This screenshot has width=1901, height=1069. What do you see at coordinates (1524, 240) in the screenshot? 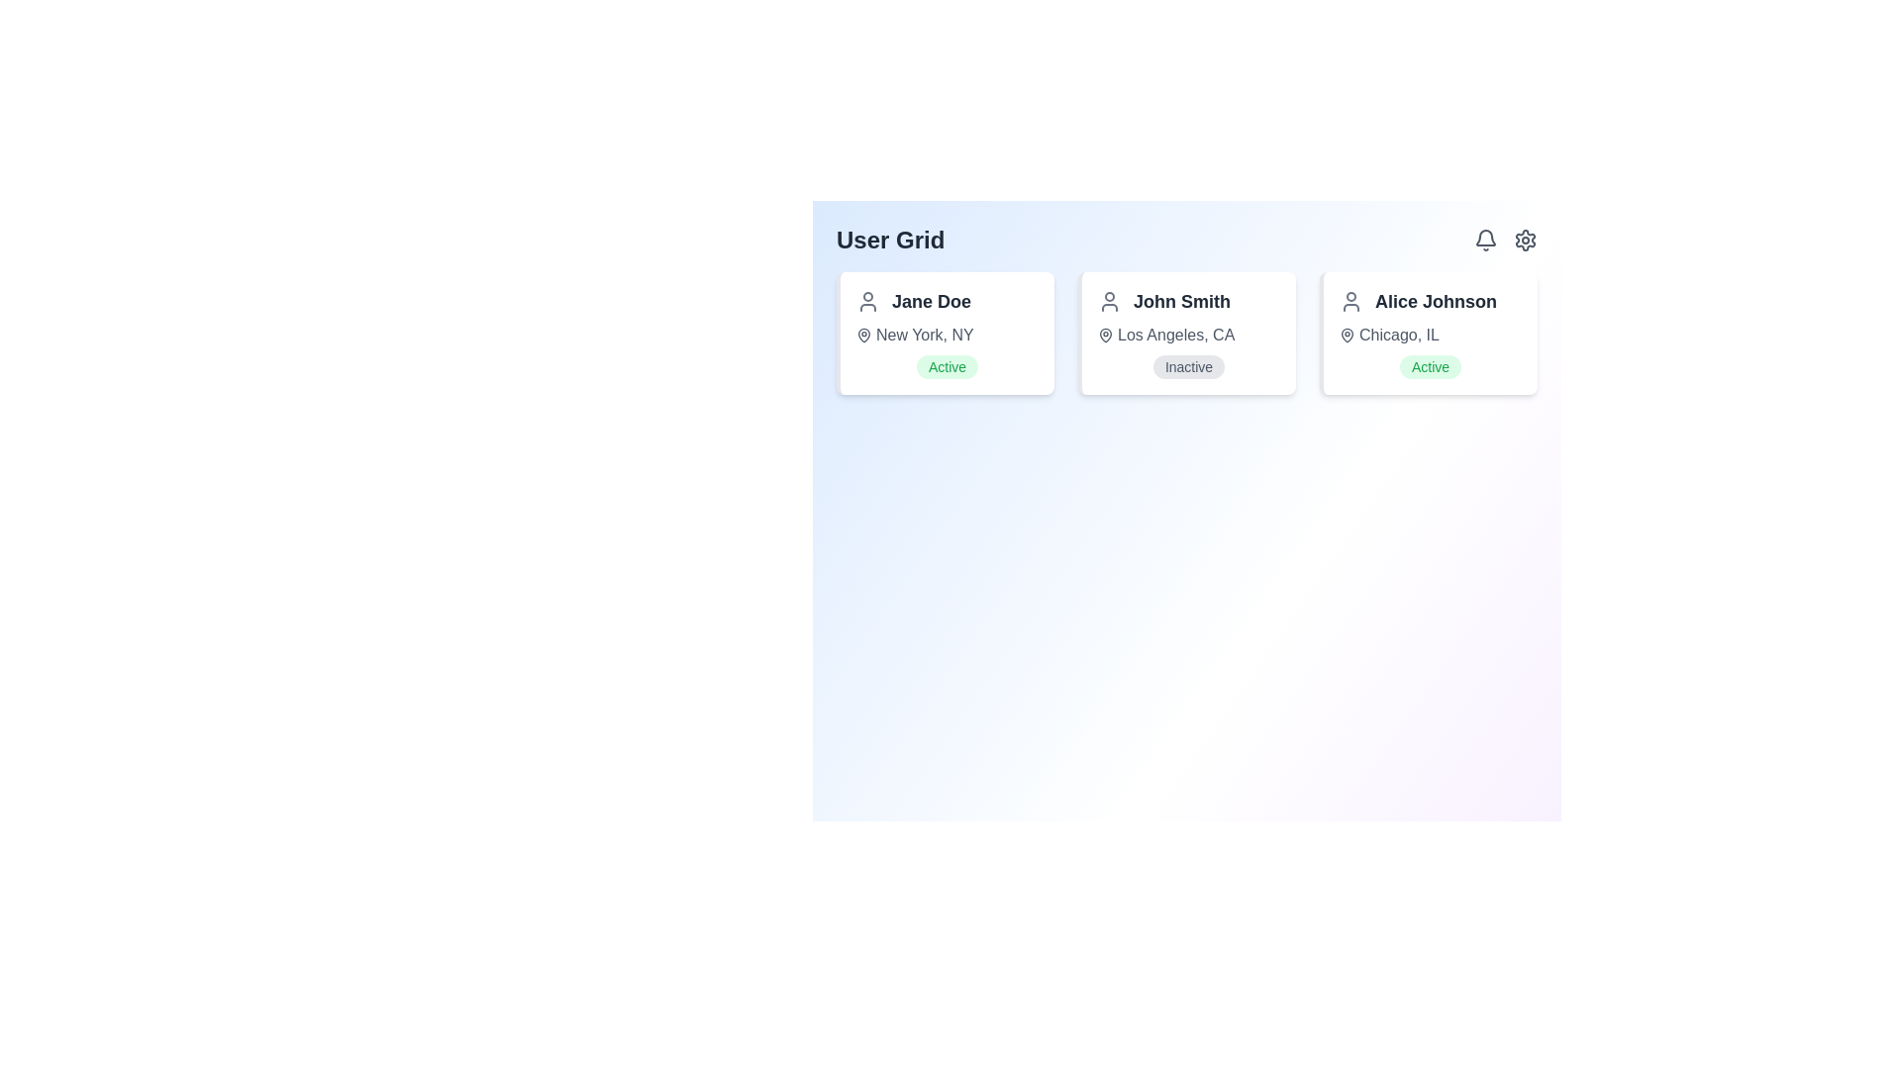
I see `the gear icon located in the top-right corner of the interface` at bounding box center [1524, 240].